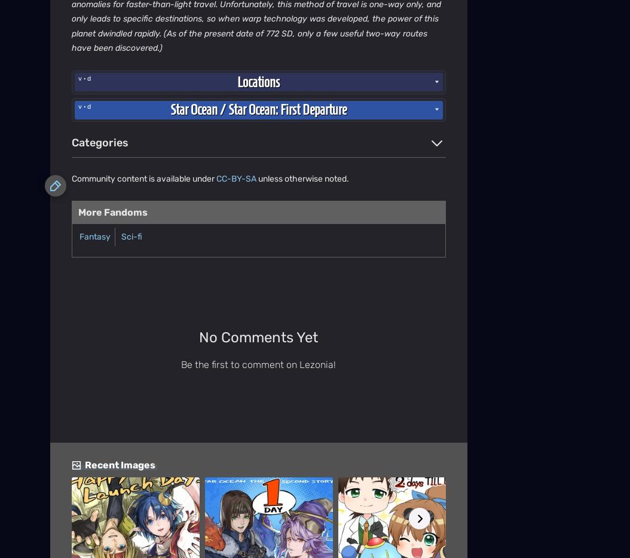 Image resolution: width=630 pixels, height=558 pixels. Describe the element at coordinates (50, 82) in the screenshot. I see `'Community Central'` at that location.